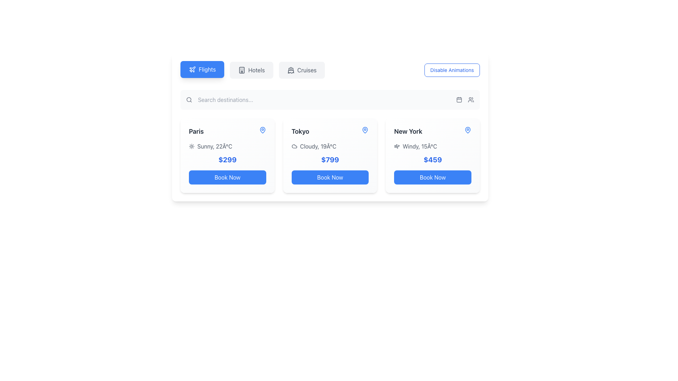  What do you see at coordinates (420, 146) in the screenshot?
I see `text content of the weather information label indicating windy weather and a temperature of 15Â°C for New York, located below the New York title and above the price section` at bounding box center [420, 146].